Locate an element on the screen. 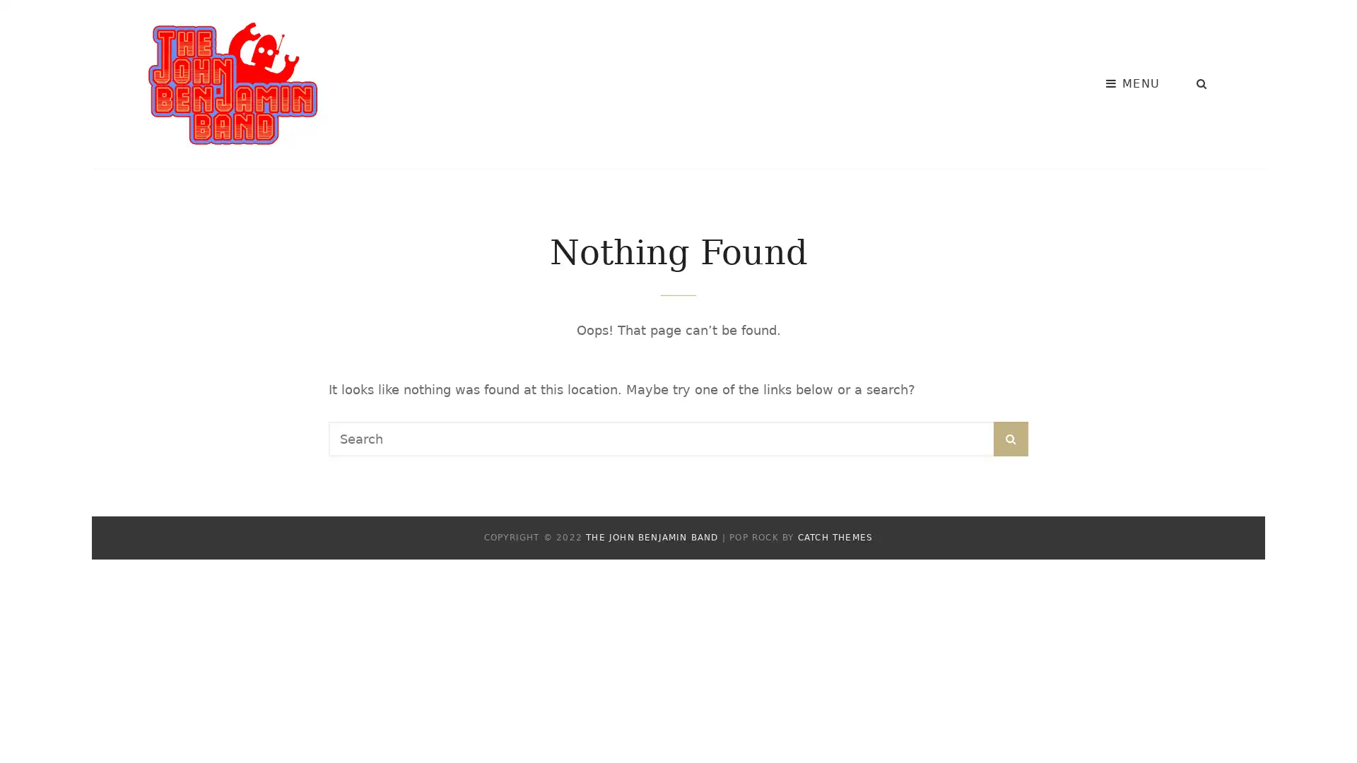  SEARCH is located at coordinates (1201, 84).